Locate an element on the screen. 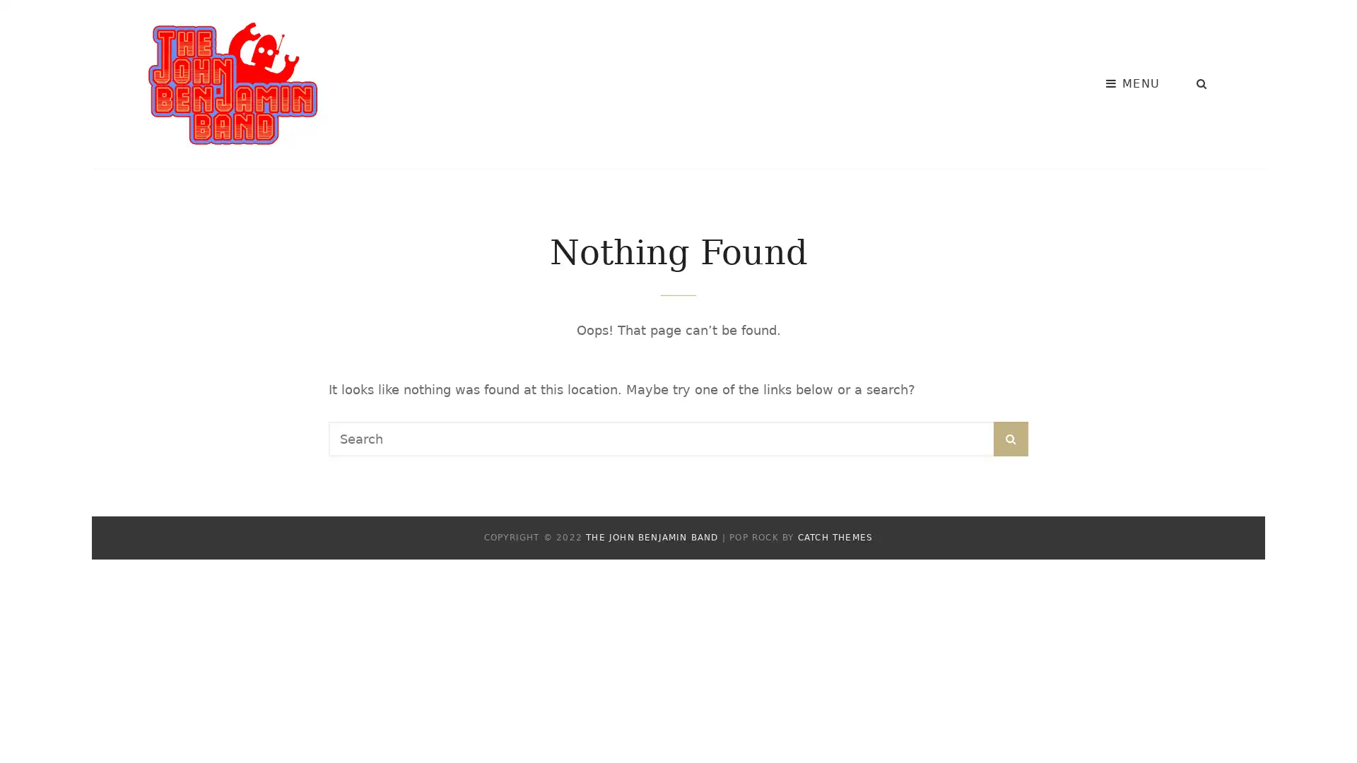  SEARCH is located at coordinates (1201, 84).